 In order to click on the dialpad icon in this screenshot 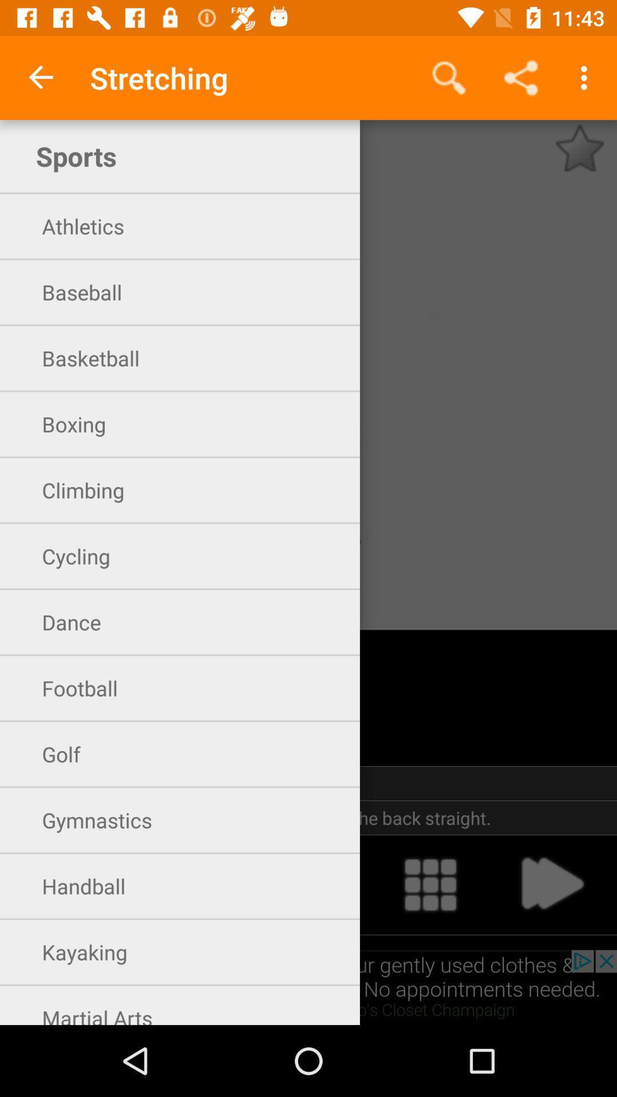, I will do `click(430, 884)`.